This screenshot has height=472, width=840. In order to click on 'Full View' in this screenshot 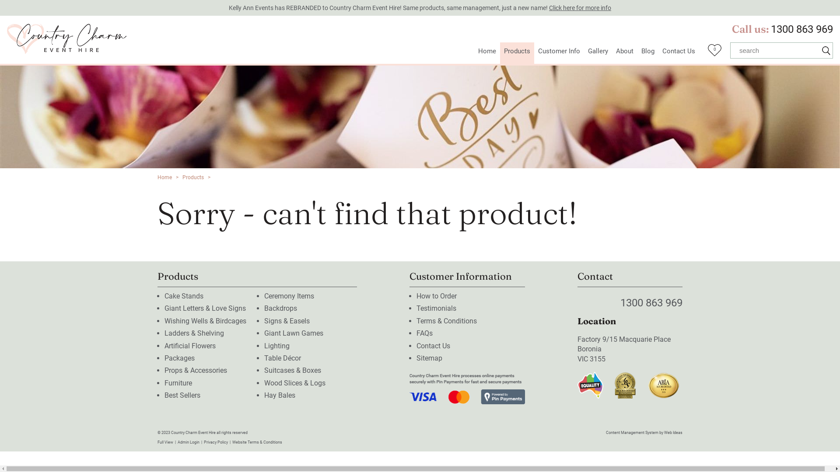, I will do `click(165, 442)`.